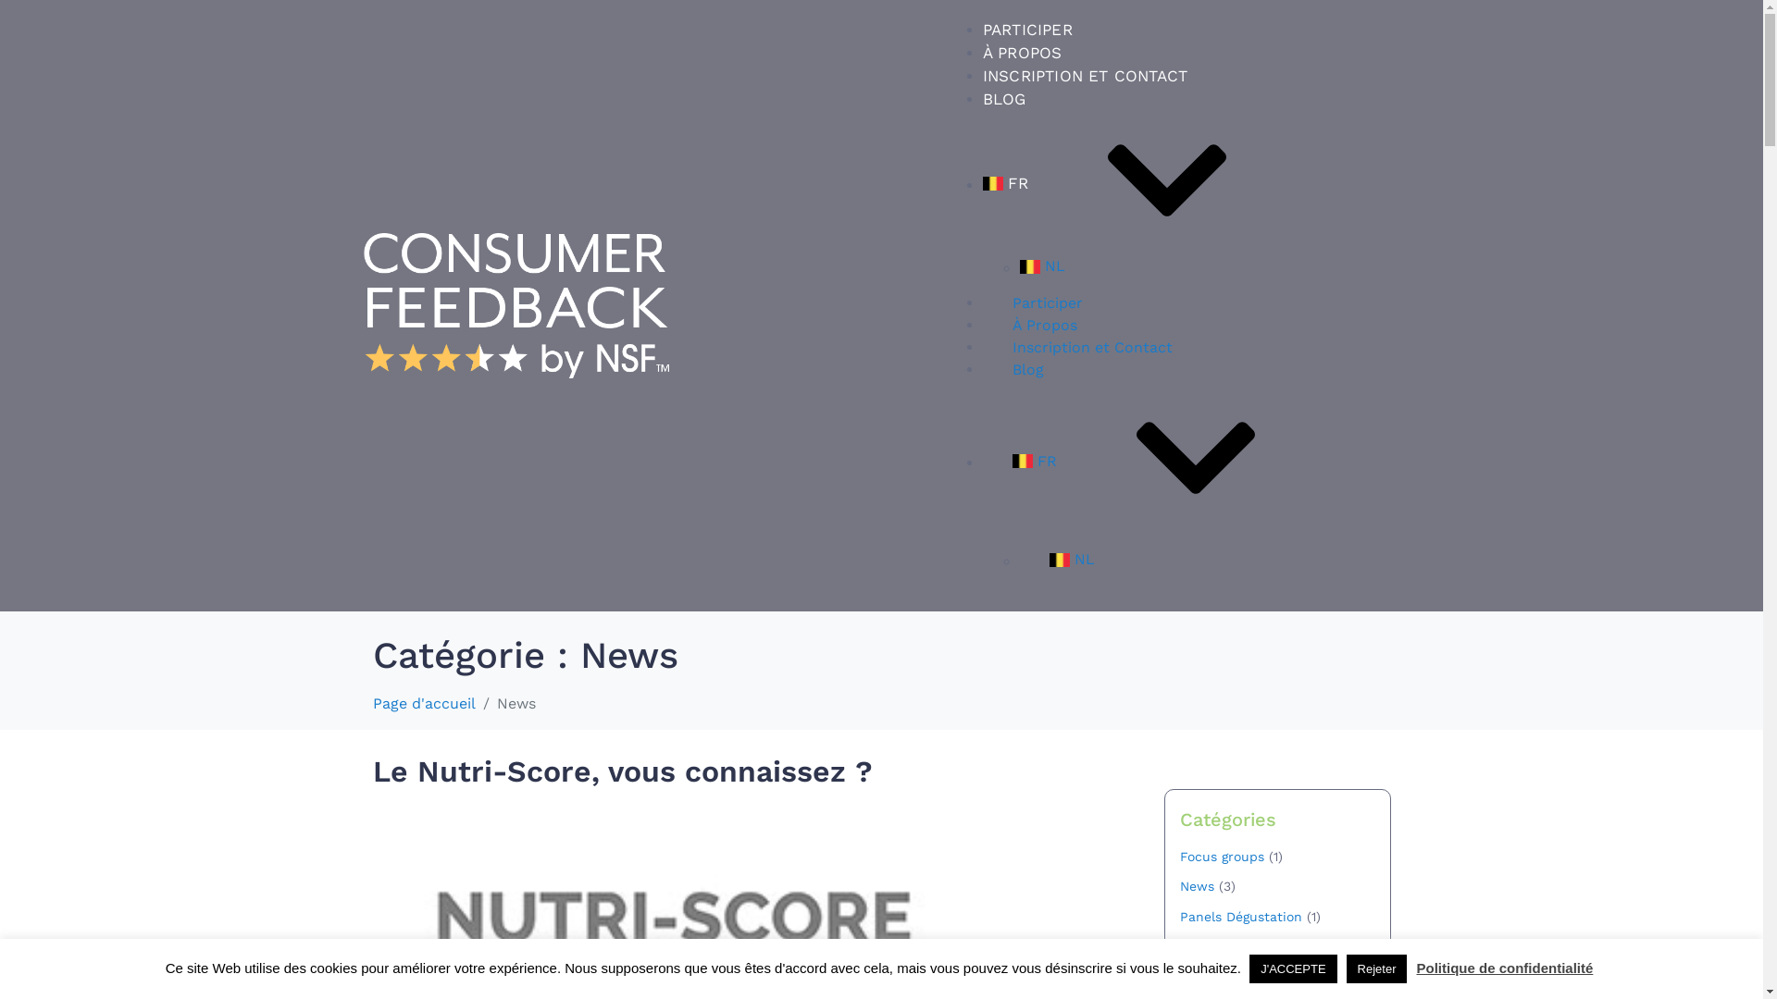  Describe the element at coordinates (371, 703) in the screenshot. I see `'Page d'accueil'` at that location.